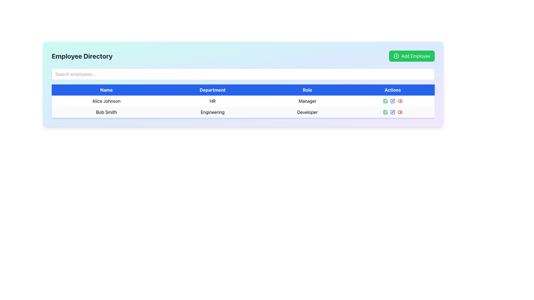 Image resolution: width=534 pixels, height=300 pixels. What do you see at coordinates (392, 112) in the screenshot?
I see `the interactive action buttons in the 'Actions' column associated with the 'Bob Smith' row in the employee directory table` at bounding box center [392, 112].